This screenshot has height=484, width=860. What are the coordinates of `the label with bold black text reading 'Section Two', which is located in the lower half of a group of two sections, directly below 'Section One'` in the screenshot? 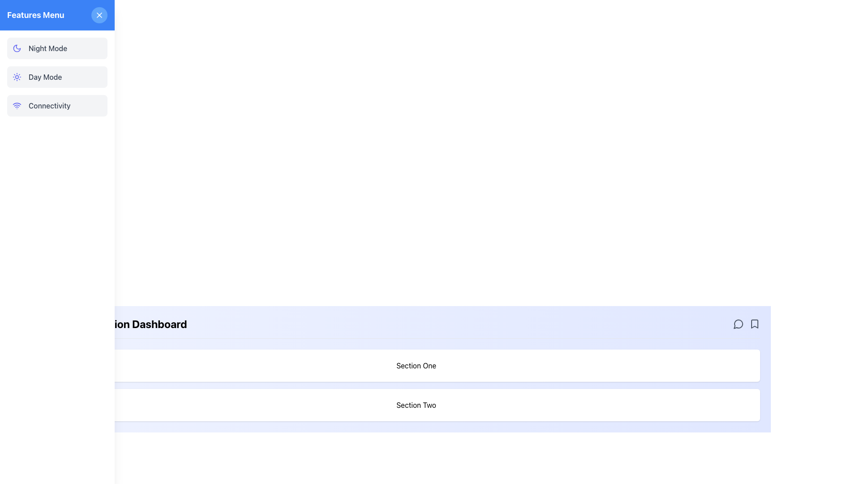 It's located at (416, 405).